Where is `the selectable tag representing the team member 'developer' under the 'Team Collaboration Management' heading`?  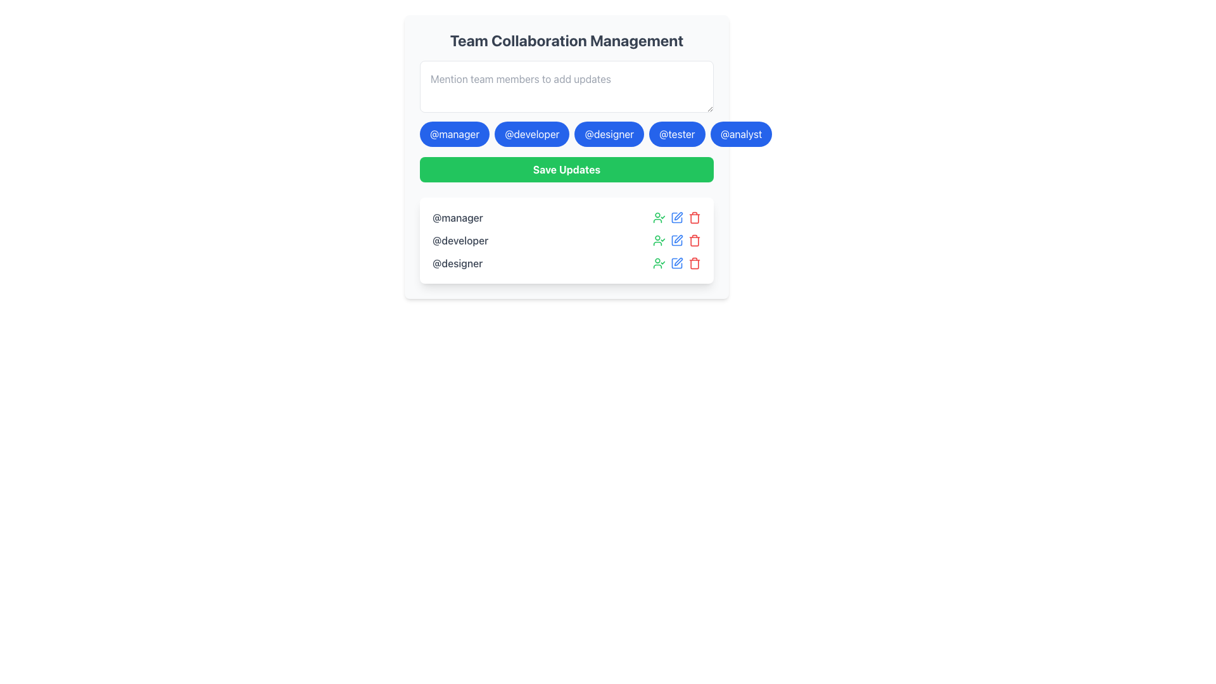
the selectable tag representing the team member 'developer' under the 'Team Collaboration Management' heading is located at coordinates (566, 134).